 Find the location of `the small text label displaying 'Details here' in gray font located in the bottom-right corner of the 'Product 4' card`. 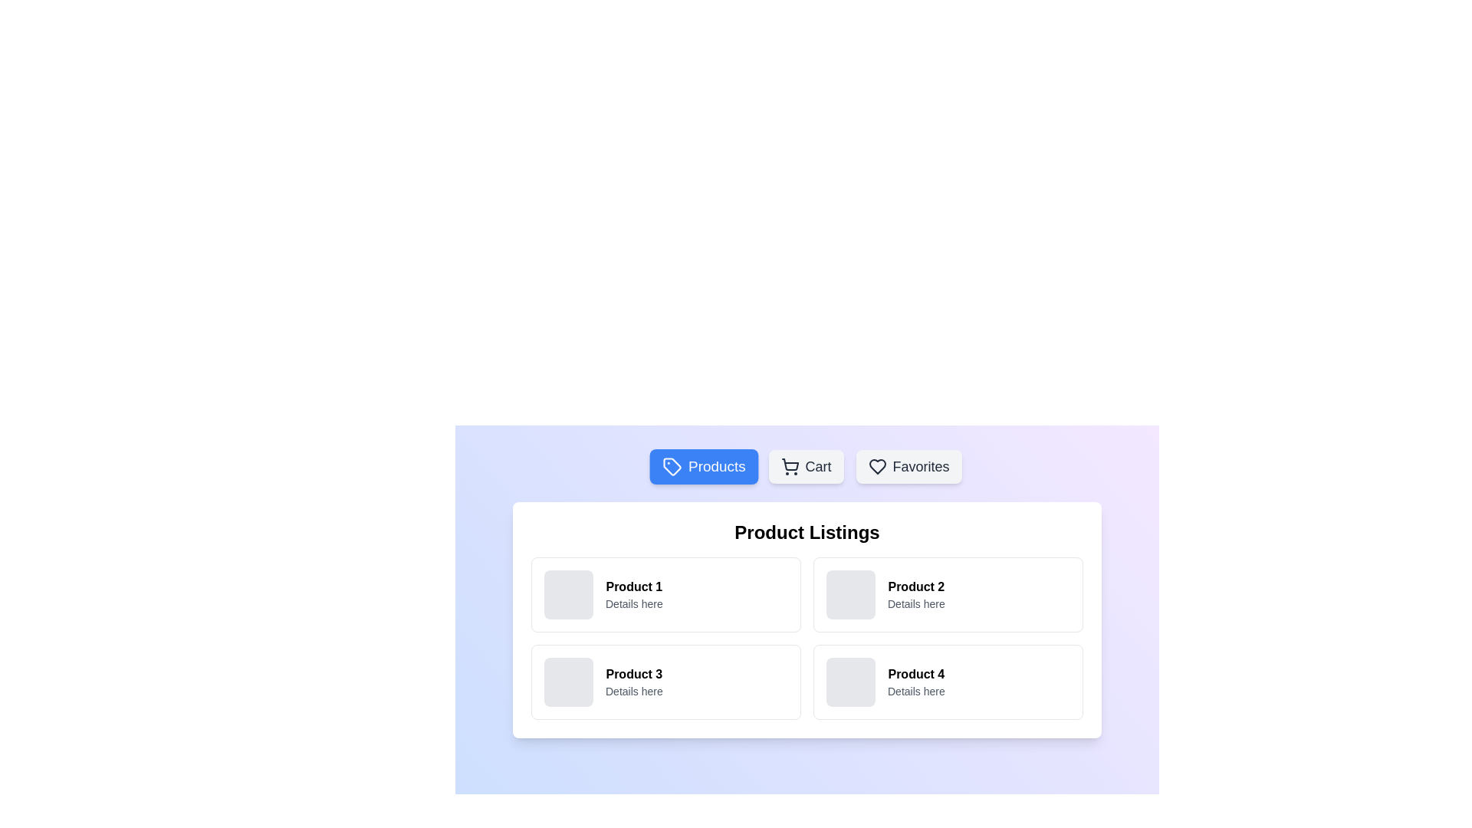

the small text label displaying 'Details here' in gray font located in the bottom-right corner of the 'Product 4' card is located at coordinates (916, 692).